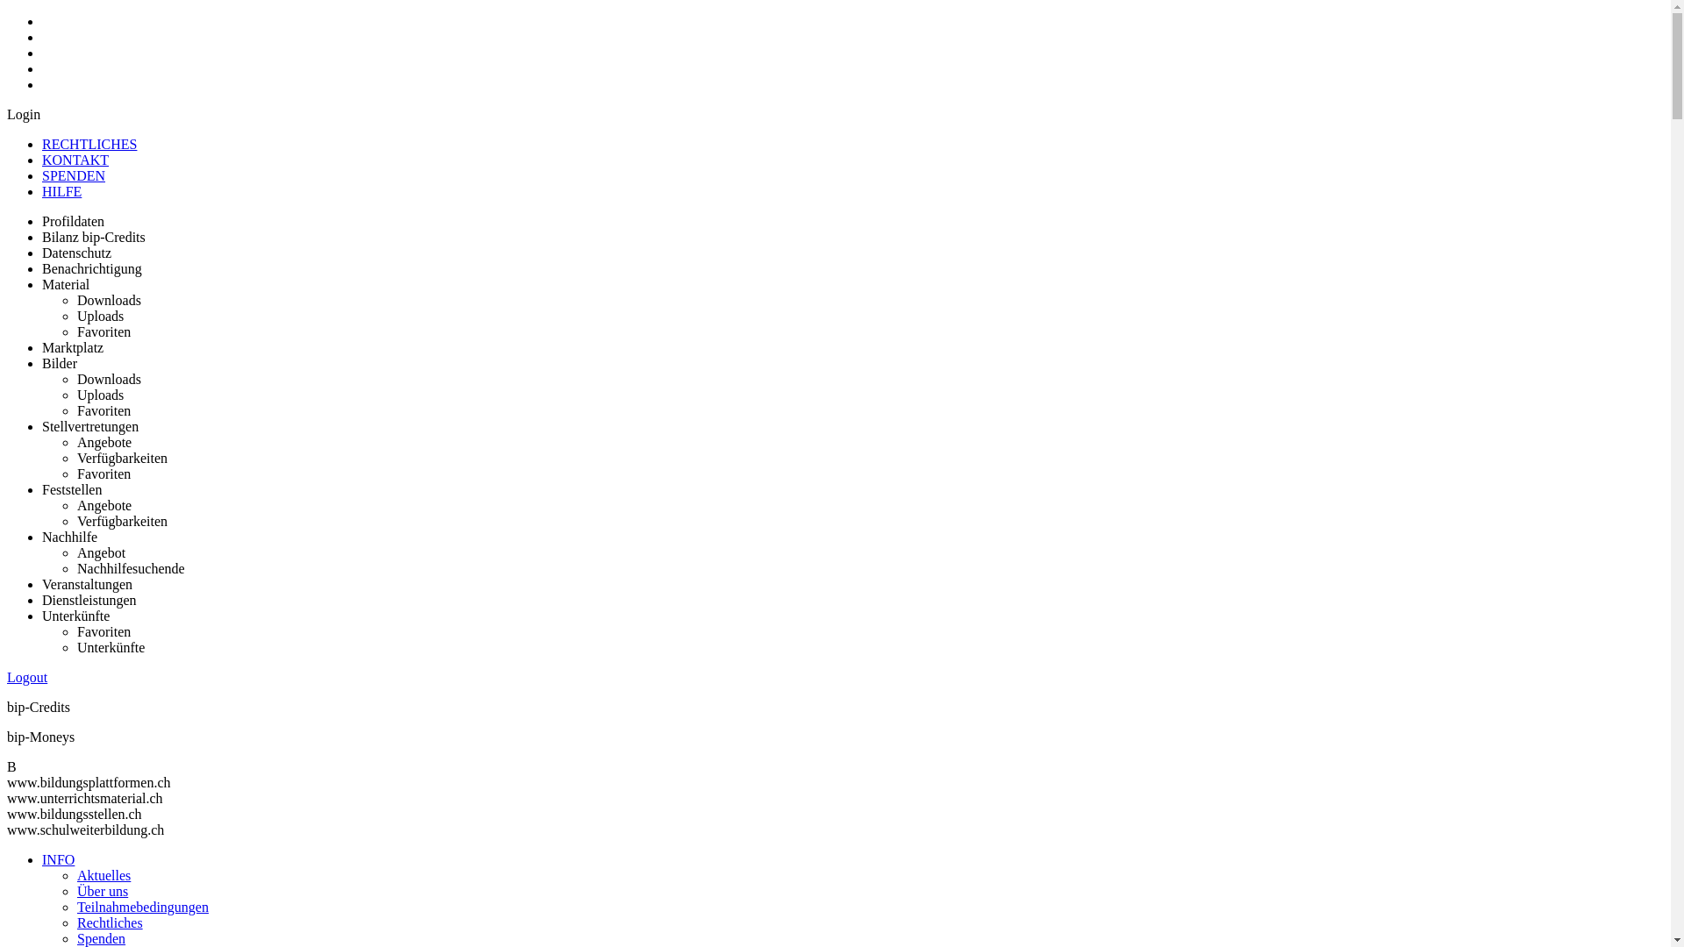 The image size is (1684, 947). I want to click on 'Logout', so click(7, 676).